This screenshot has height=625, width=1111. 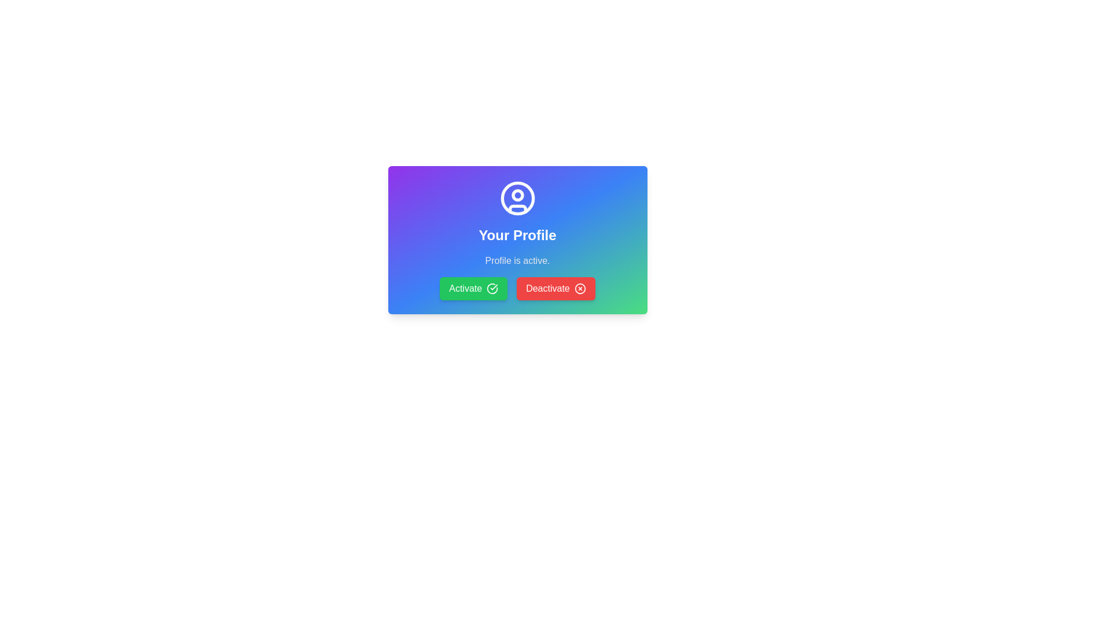 I want to click on the status text element located beneath the 'Your Profile' header and above the 'Activate' and 'Deactivate' buttons, so click(x=517, y=261).